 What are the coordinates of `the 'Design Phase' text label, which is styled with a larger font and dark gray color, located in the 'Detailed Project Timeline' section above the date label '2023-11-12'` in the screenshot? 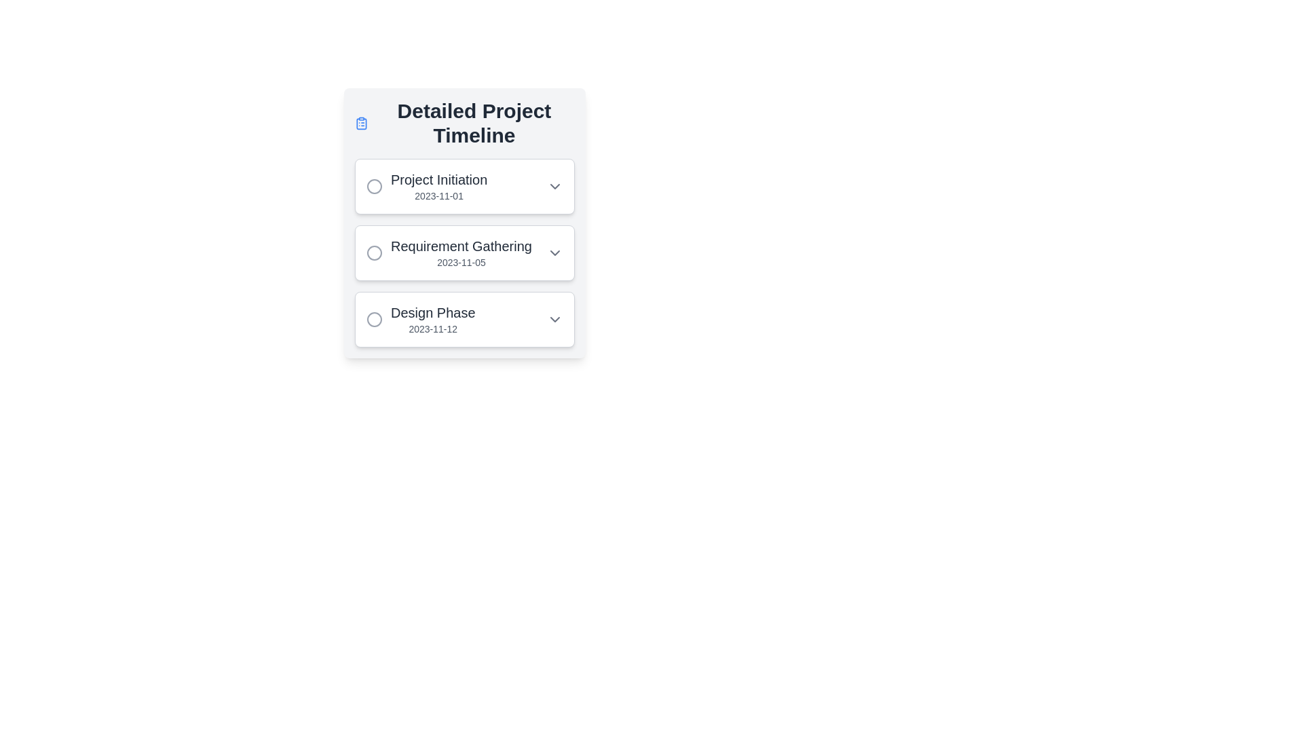 It's located at (432, 313).